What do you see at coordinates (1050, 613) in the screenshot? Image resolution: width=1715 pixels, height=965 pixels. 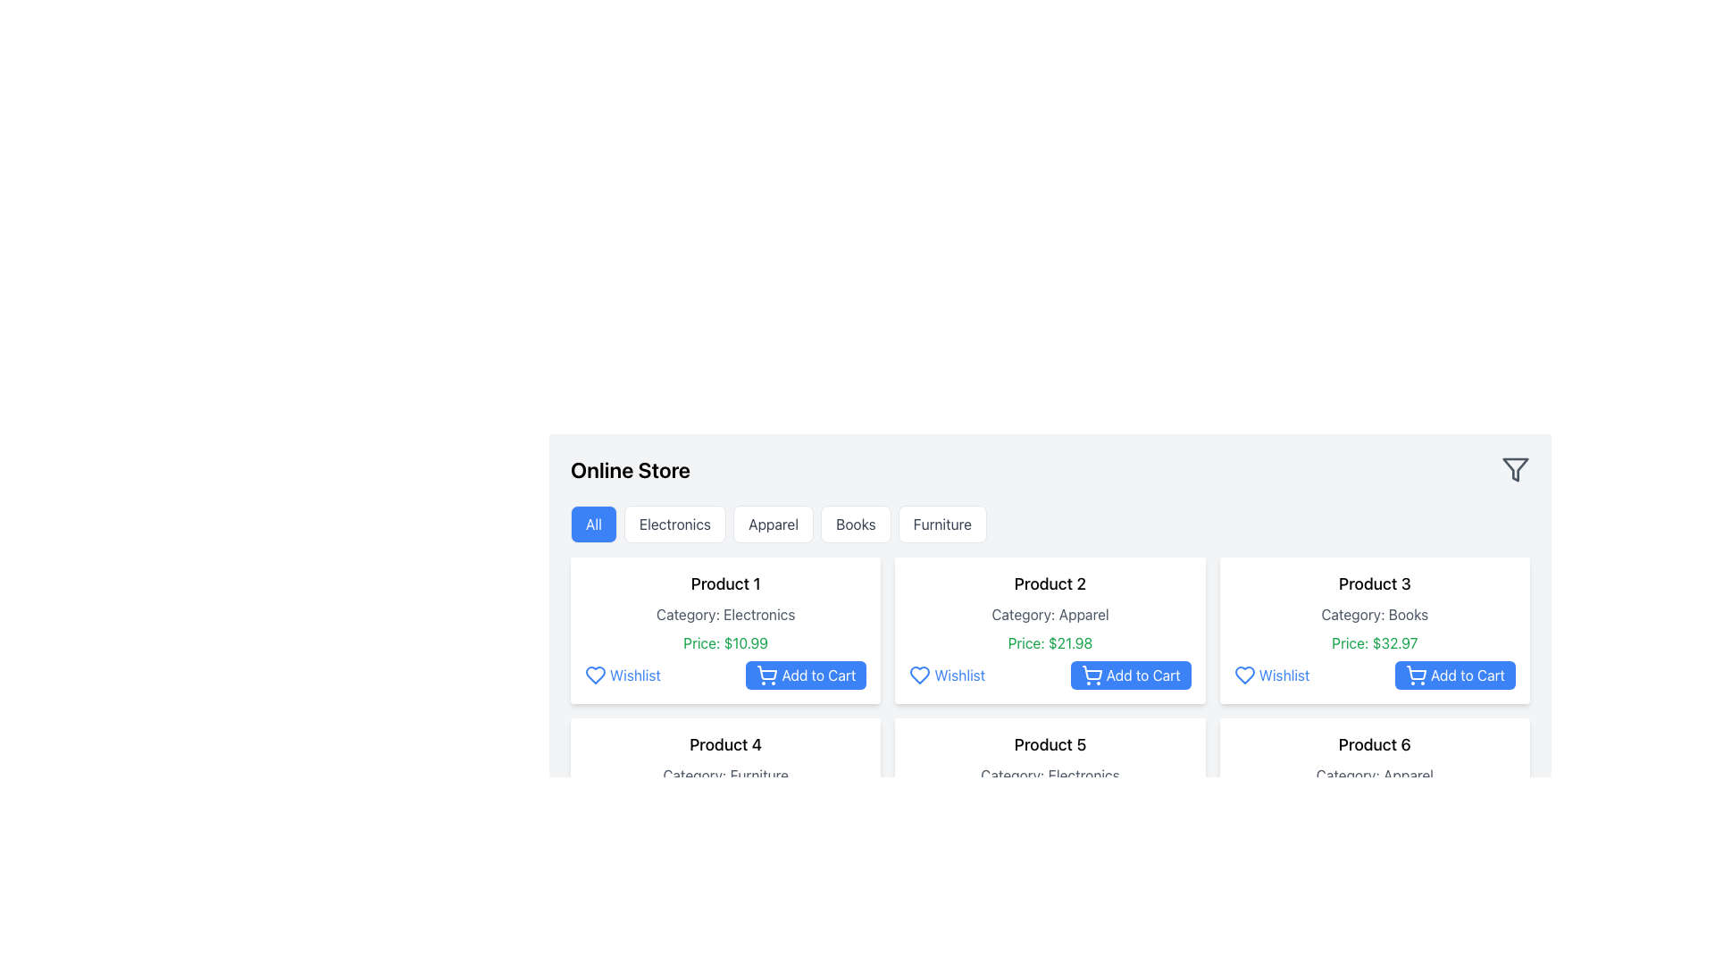 I see `text label categorizing the product under 'Apparel', located in the product card labeled 'Product 2', positioned between the title and price information` at bounding box center [1050, 613].